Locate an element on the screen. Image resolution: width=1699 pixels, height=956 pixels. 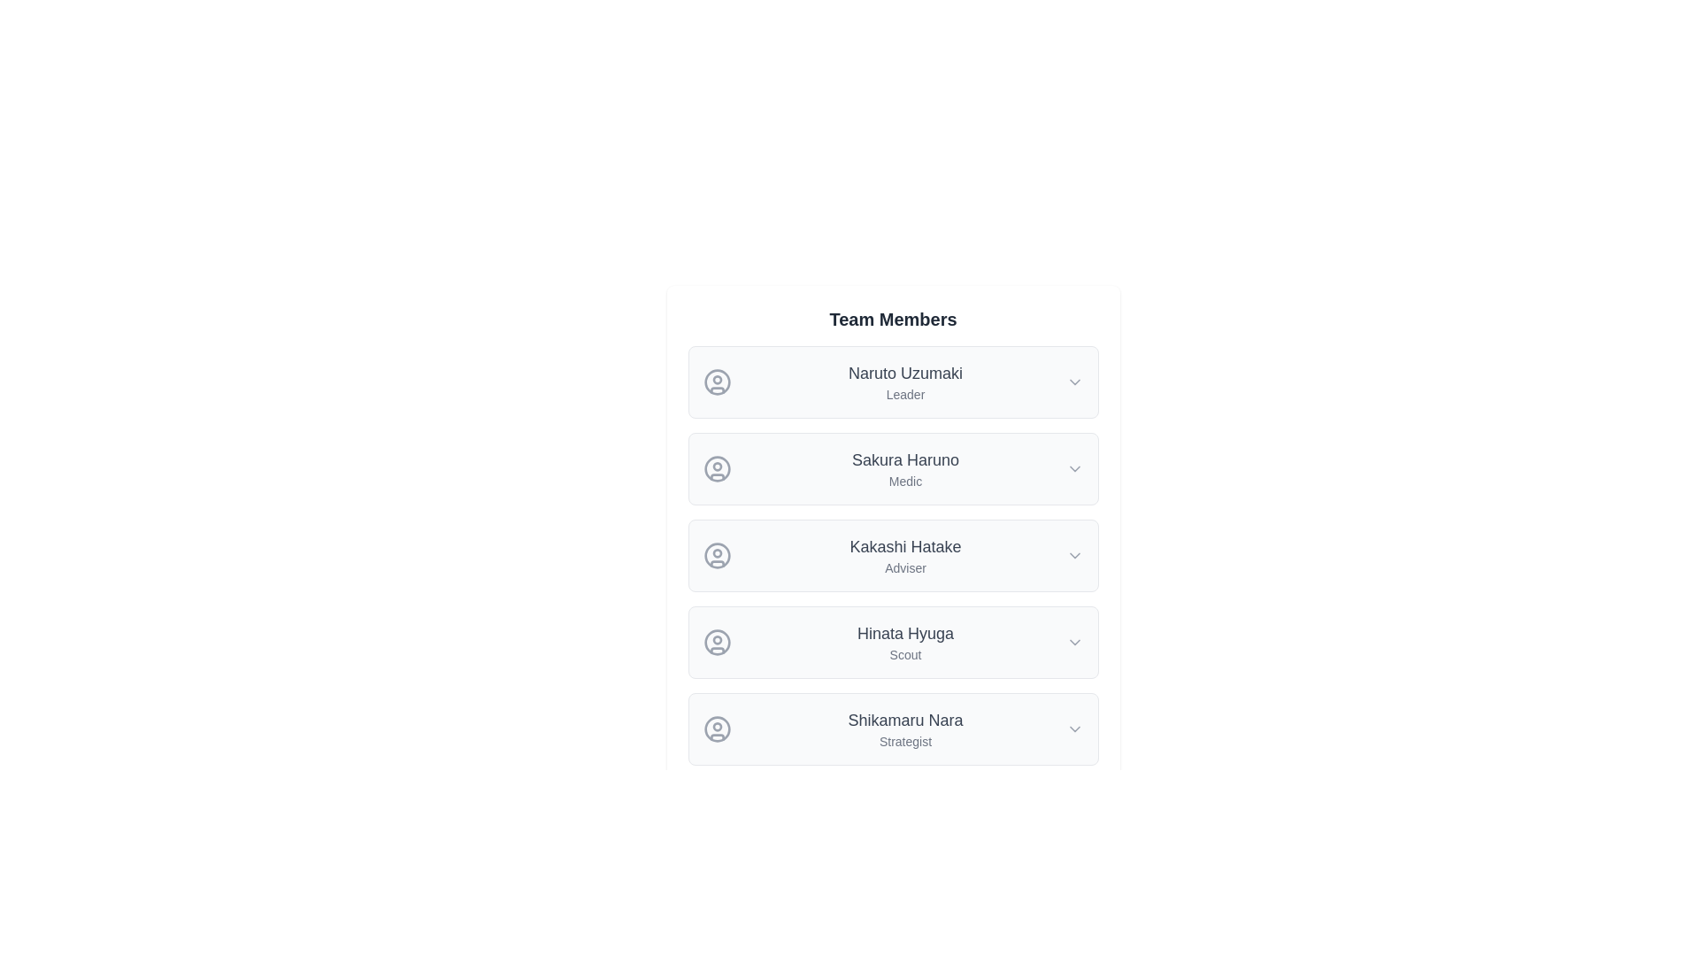
on the Text display element in the fourth slot of the 'Team Members' list is located at coordinates (905, 642).